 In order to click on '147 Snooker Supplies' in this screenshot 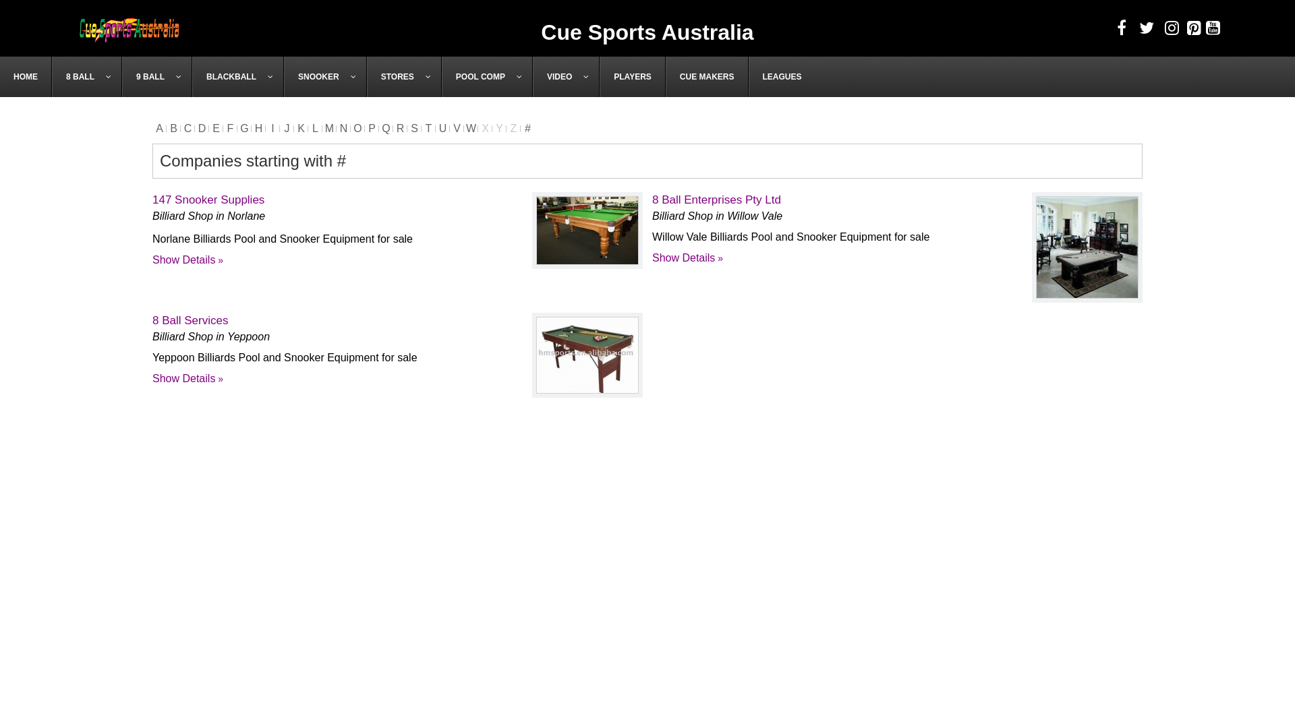, I will do `click(207, 200)`.